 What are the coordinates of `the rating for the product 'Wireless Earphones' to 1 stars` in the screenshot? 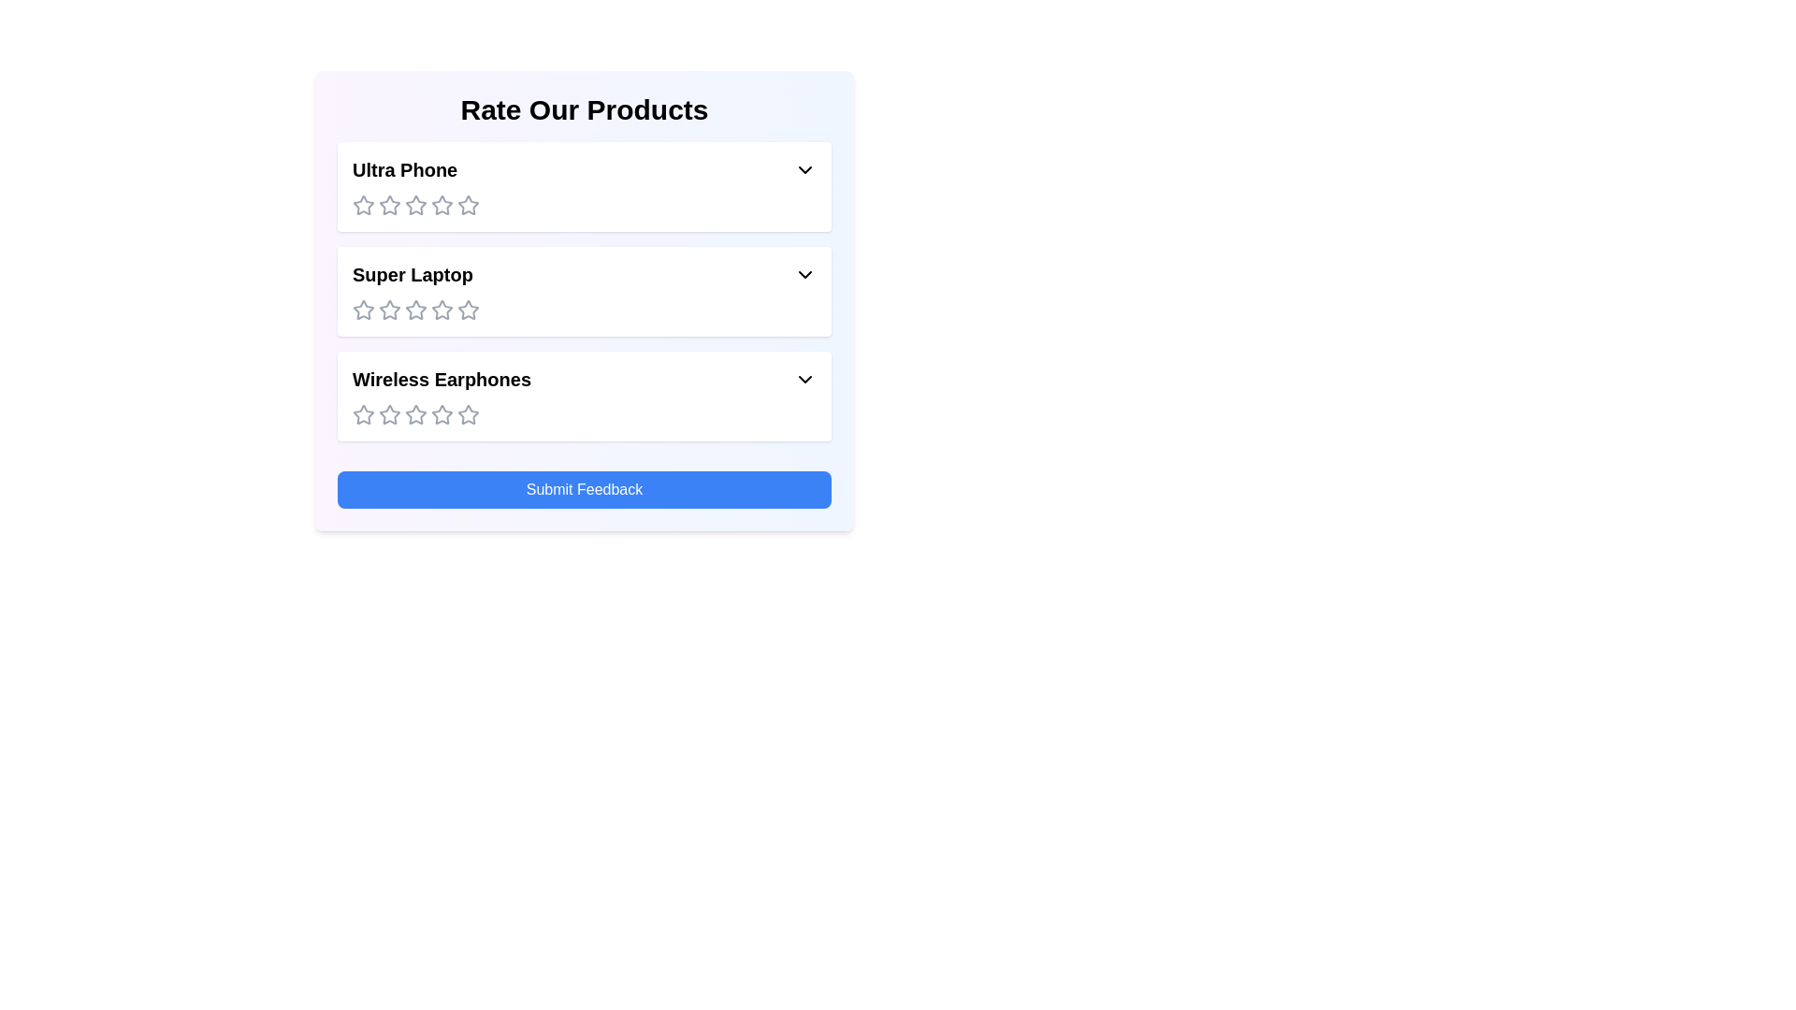 It's located at (363, 413).